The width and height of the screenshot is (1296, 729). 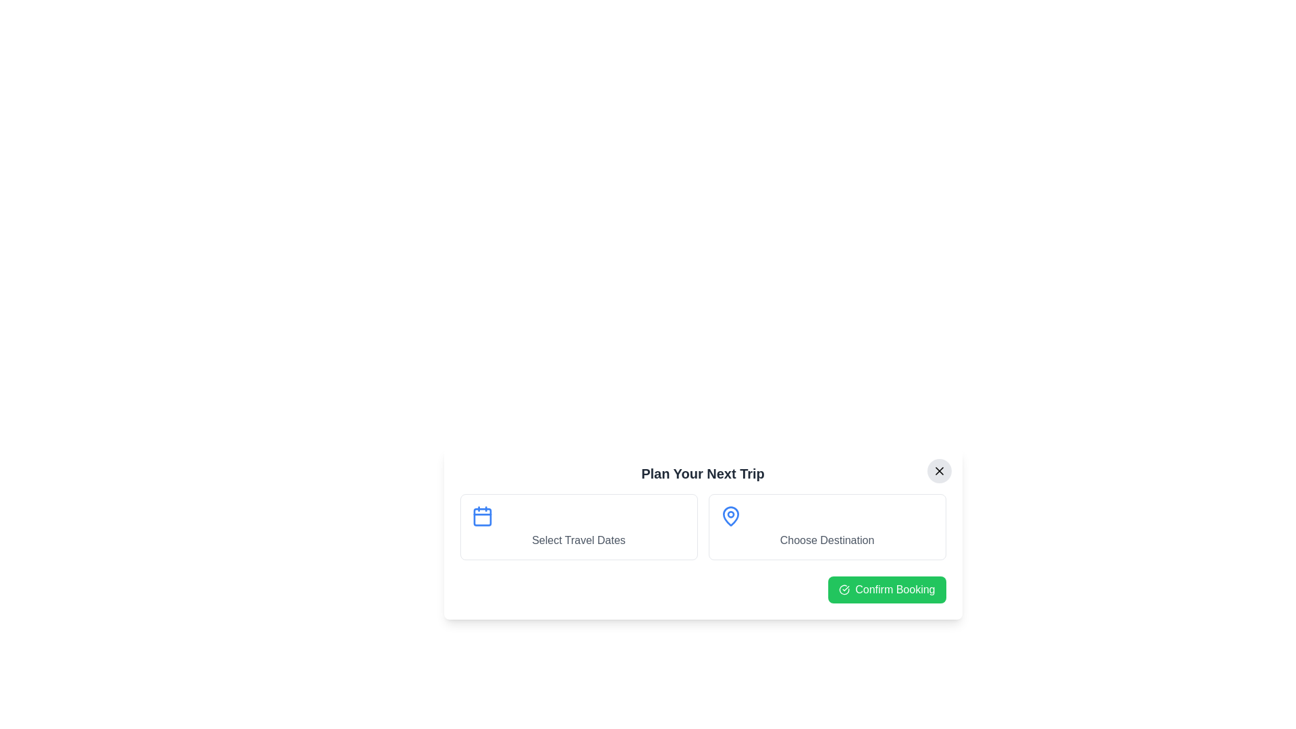 I want to click on the 'Choose Destination' card to select the destination, so click(x=826, y=526).